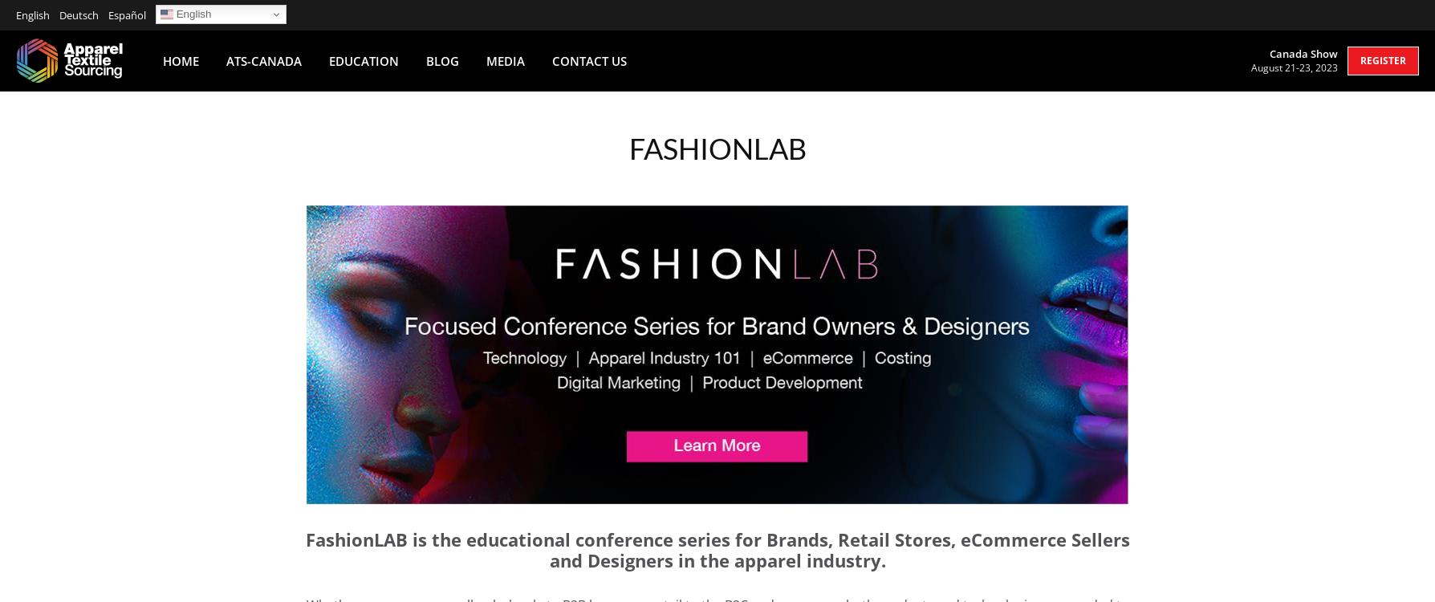 The image size is (1435, 602). Describe the element at coordinates (1269, 52) in the screenshot. I see `'Canada Show'` at that location.